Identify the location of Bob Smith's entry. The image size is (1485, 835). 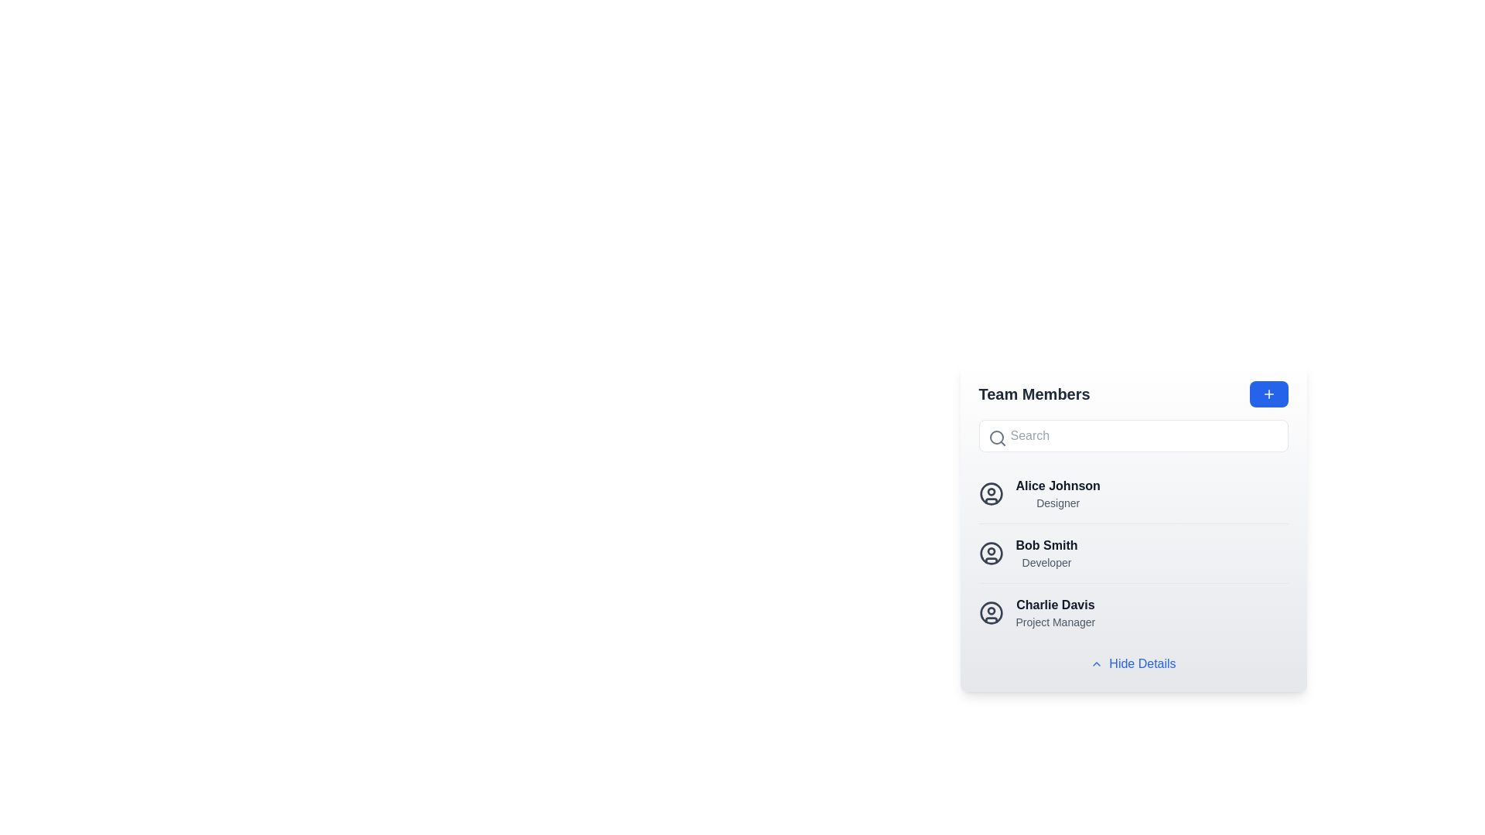
(1133, 553).